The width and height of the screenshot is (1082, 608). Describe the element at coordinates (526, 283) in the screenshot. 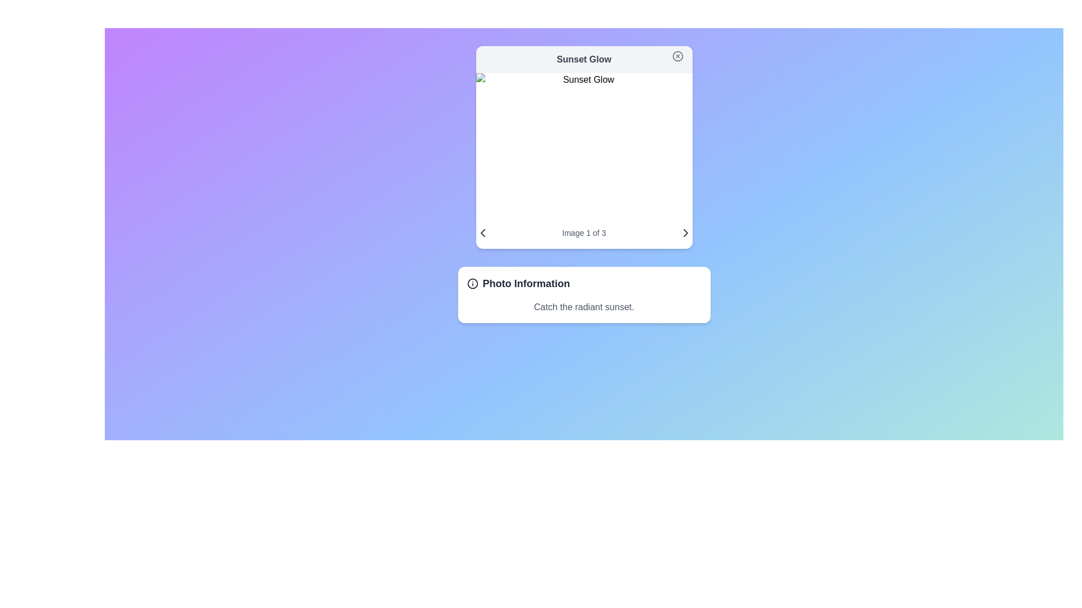

I see `the bold text label stating 'Photo Information' which is located below an image display component and above descriptive text, aligned horizontally next to a circular information icon` at that location.